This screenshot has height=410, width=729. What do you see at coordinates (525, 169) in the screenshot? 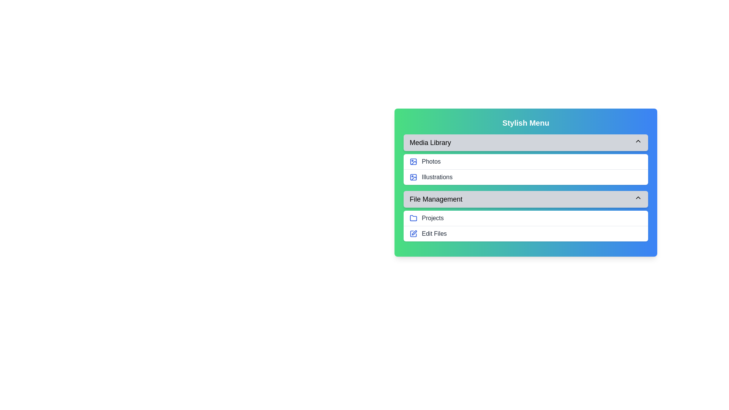
I see `the second item in the expanded 'Media Library' section of the menu` at bounding box center [525, 169].